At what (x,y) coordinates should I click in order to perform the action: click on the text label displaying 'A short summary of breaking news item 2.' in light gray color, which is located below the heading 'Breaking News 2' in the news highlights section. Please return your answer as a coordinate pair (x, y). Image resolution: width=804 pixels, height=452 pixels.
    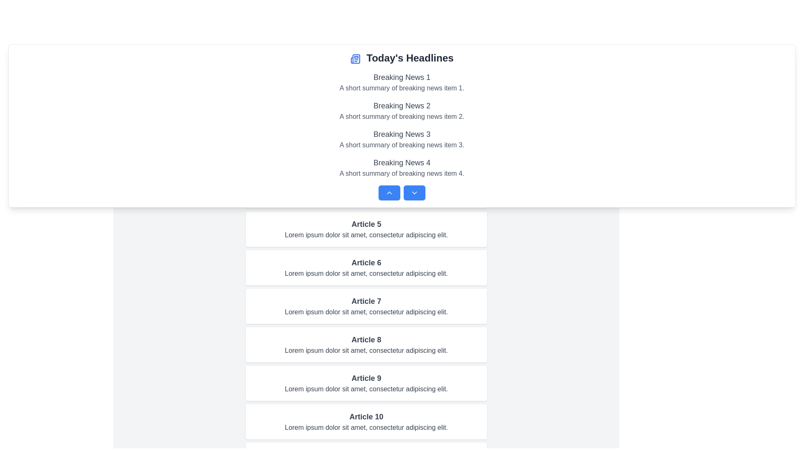
    Looking at the image, I should click on (402, 116).